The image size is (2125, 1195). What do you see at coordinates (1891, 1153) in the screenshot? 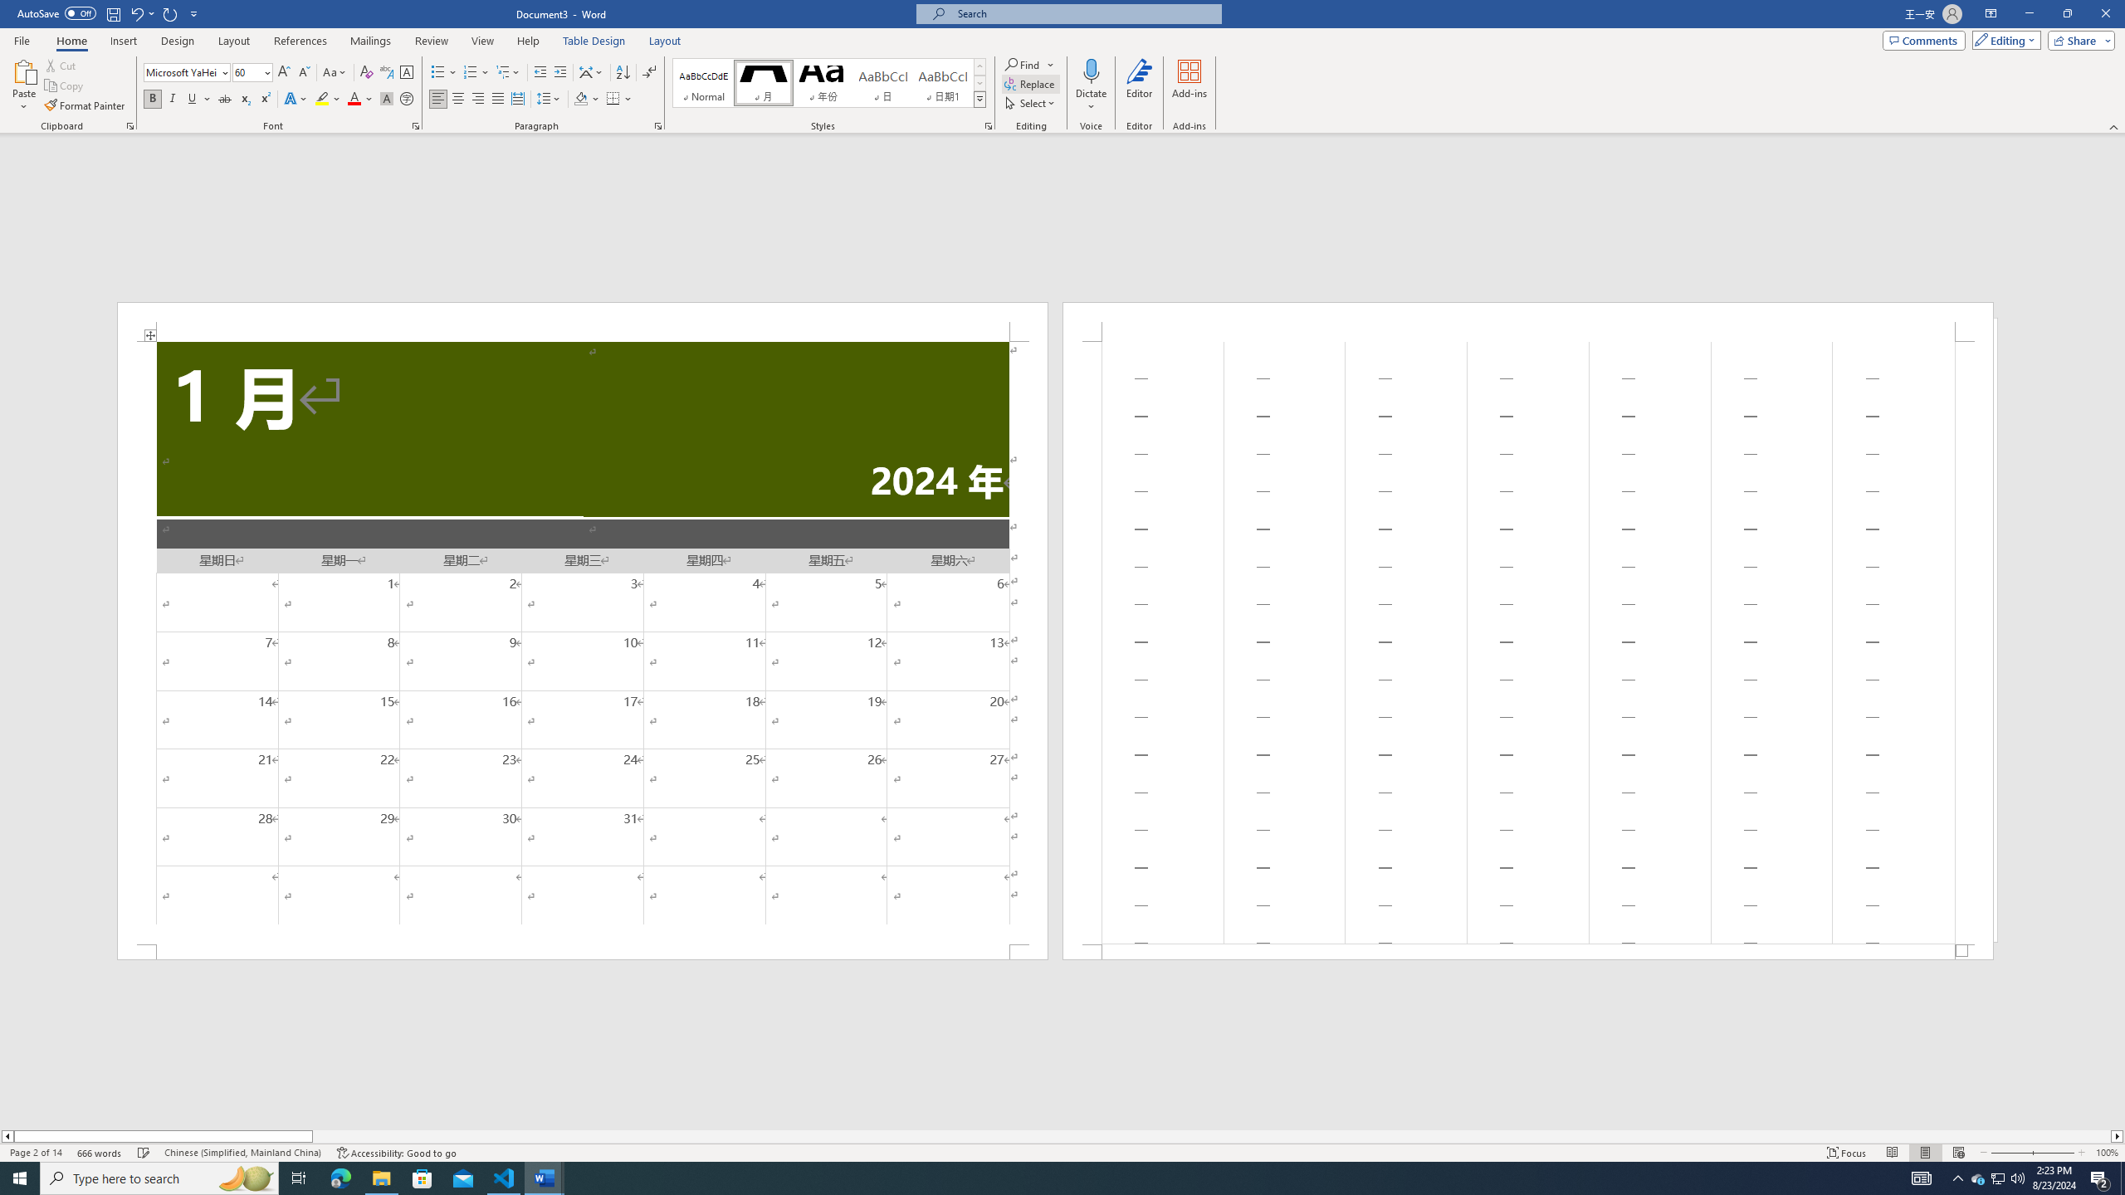
I see `'Read Mode'` at bounding box center [1891, 1153].